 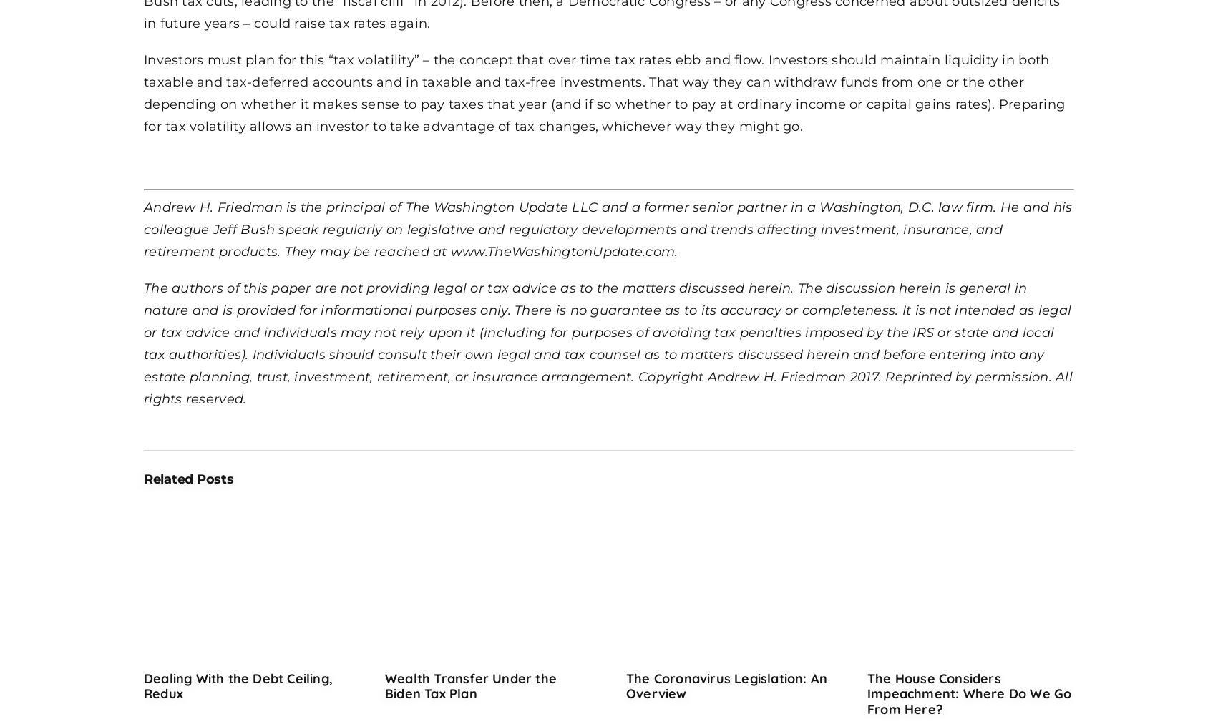 What do you see at coordinates (603, 92) in the screenshot?
I see `'Investors must plan for this “tax volatility” – the concept that over time tax rates ebb and flow. Investors should maintain liquidity in both taxable and tax-deferred accounts and in taxable and tax-free investments. That way they can withdraw funds from one or the other depending on whether it makes sense to pay taxes that year (and if so whether to pay at ordinary income or capital gains rates). Preparing for tax volatility allows an investor to take advantage of tax changes, whichever way they might go.'` at bounding box center [603, 92].